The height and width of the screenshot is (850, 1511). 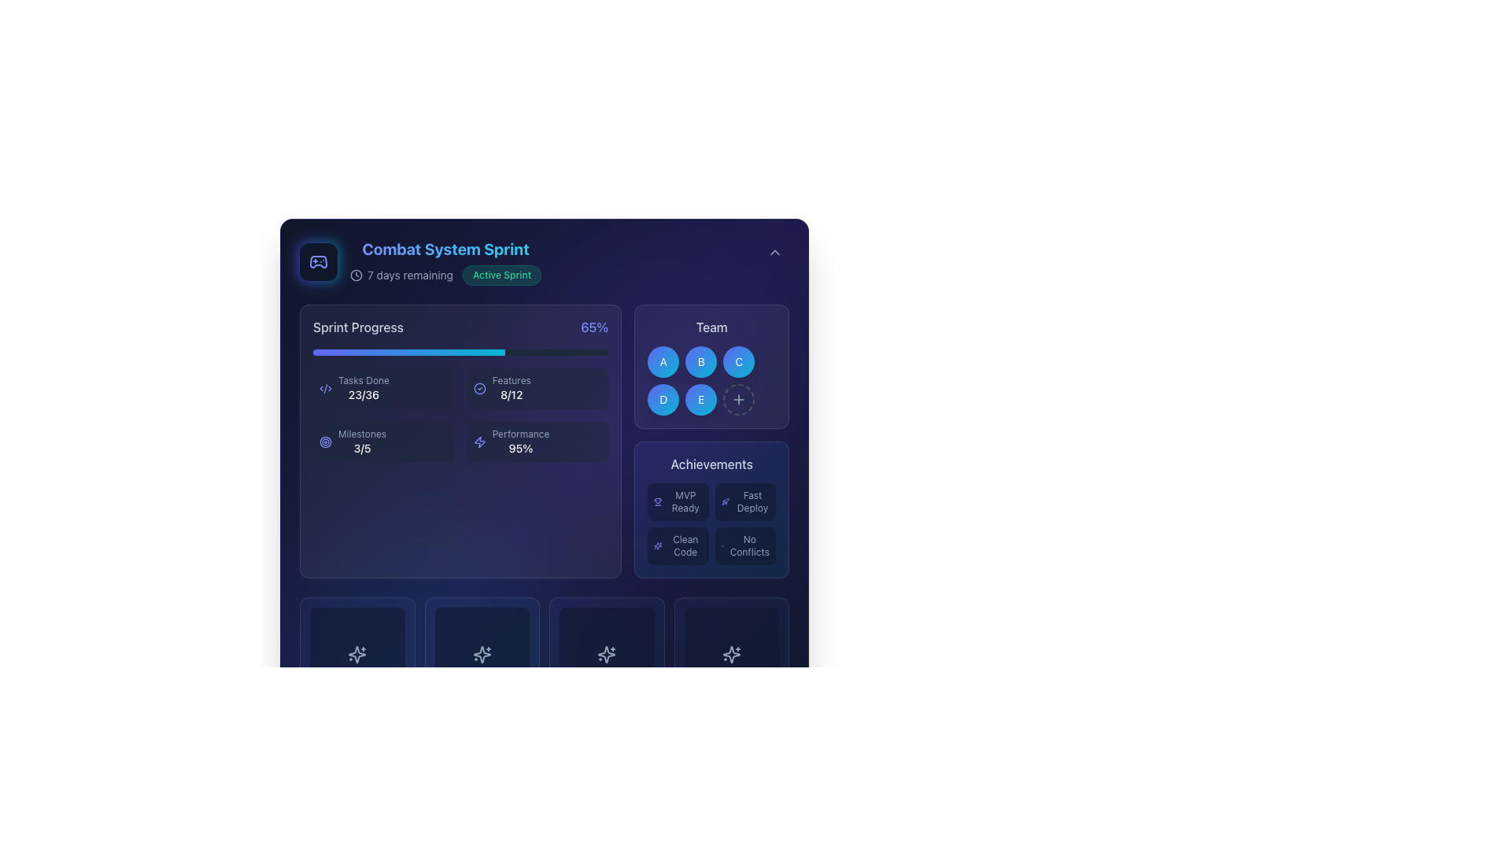 I want to click on the subtle gray text label that reads 'Milestones', which is aligned to the left and positioned above the larger text '3/5' in the 'Sprint Progress' section, so click(x=361, y=434).